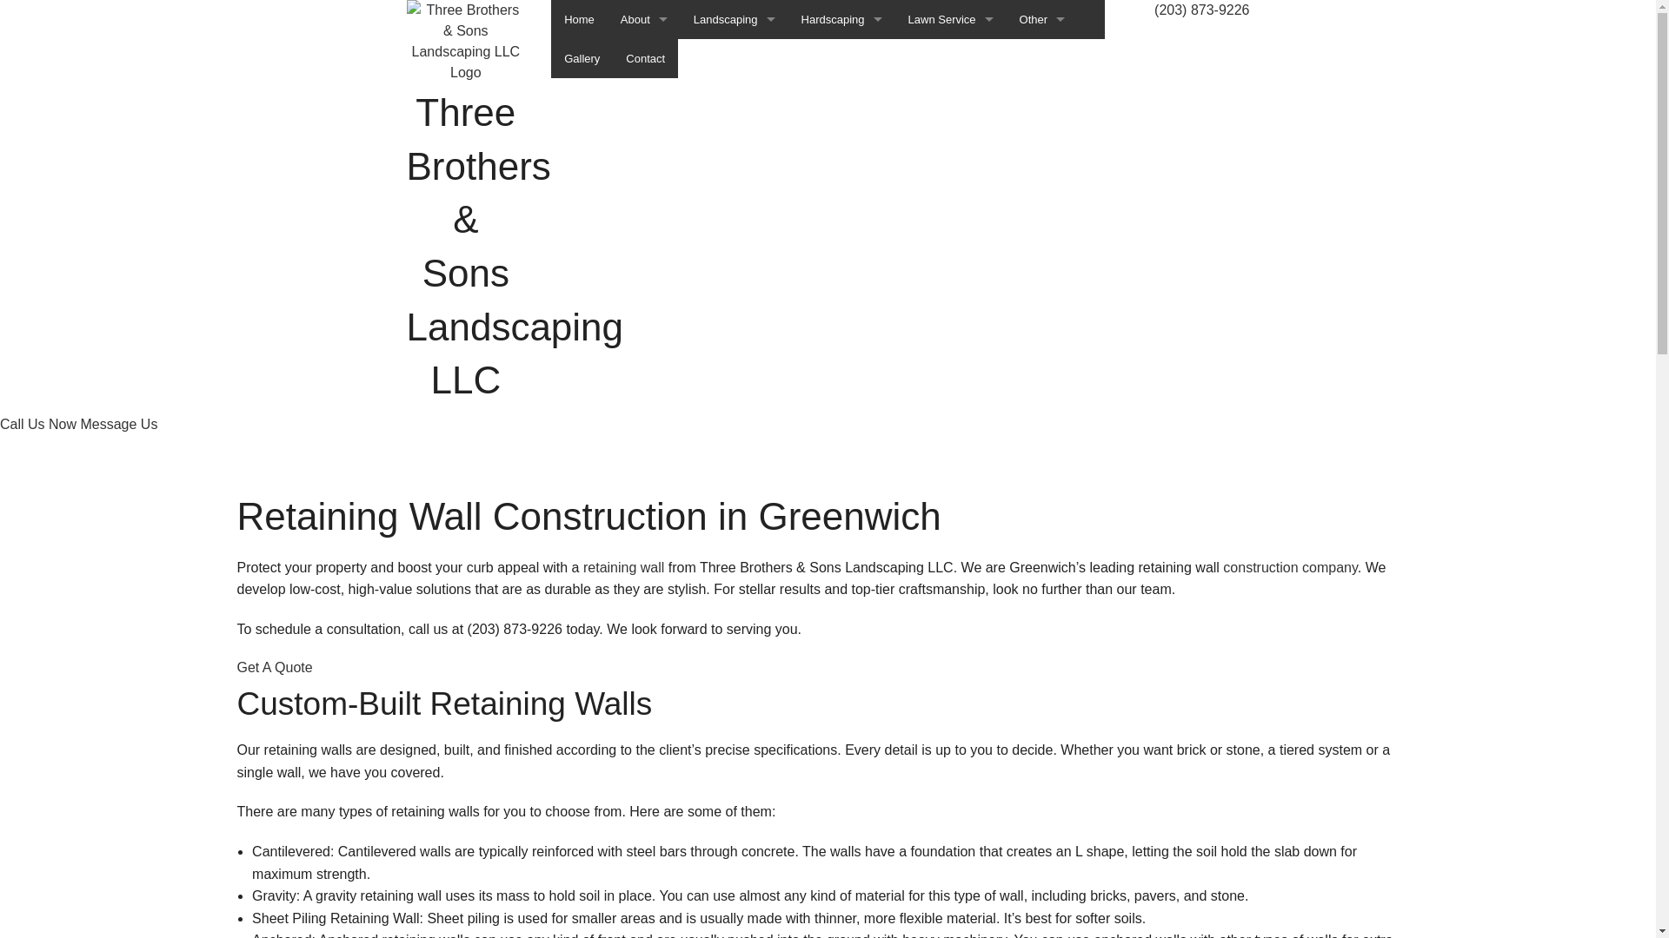 The image size is (1669, 938). Describe the element at coordinates (734, 97) in the screenshot. I see `'Landscape Design Services'` at that location.